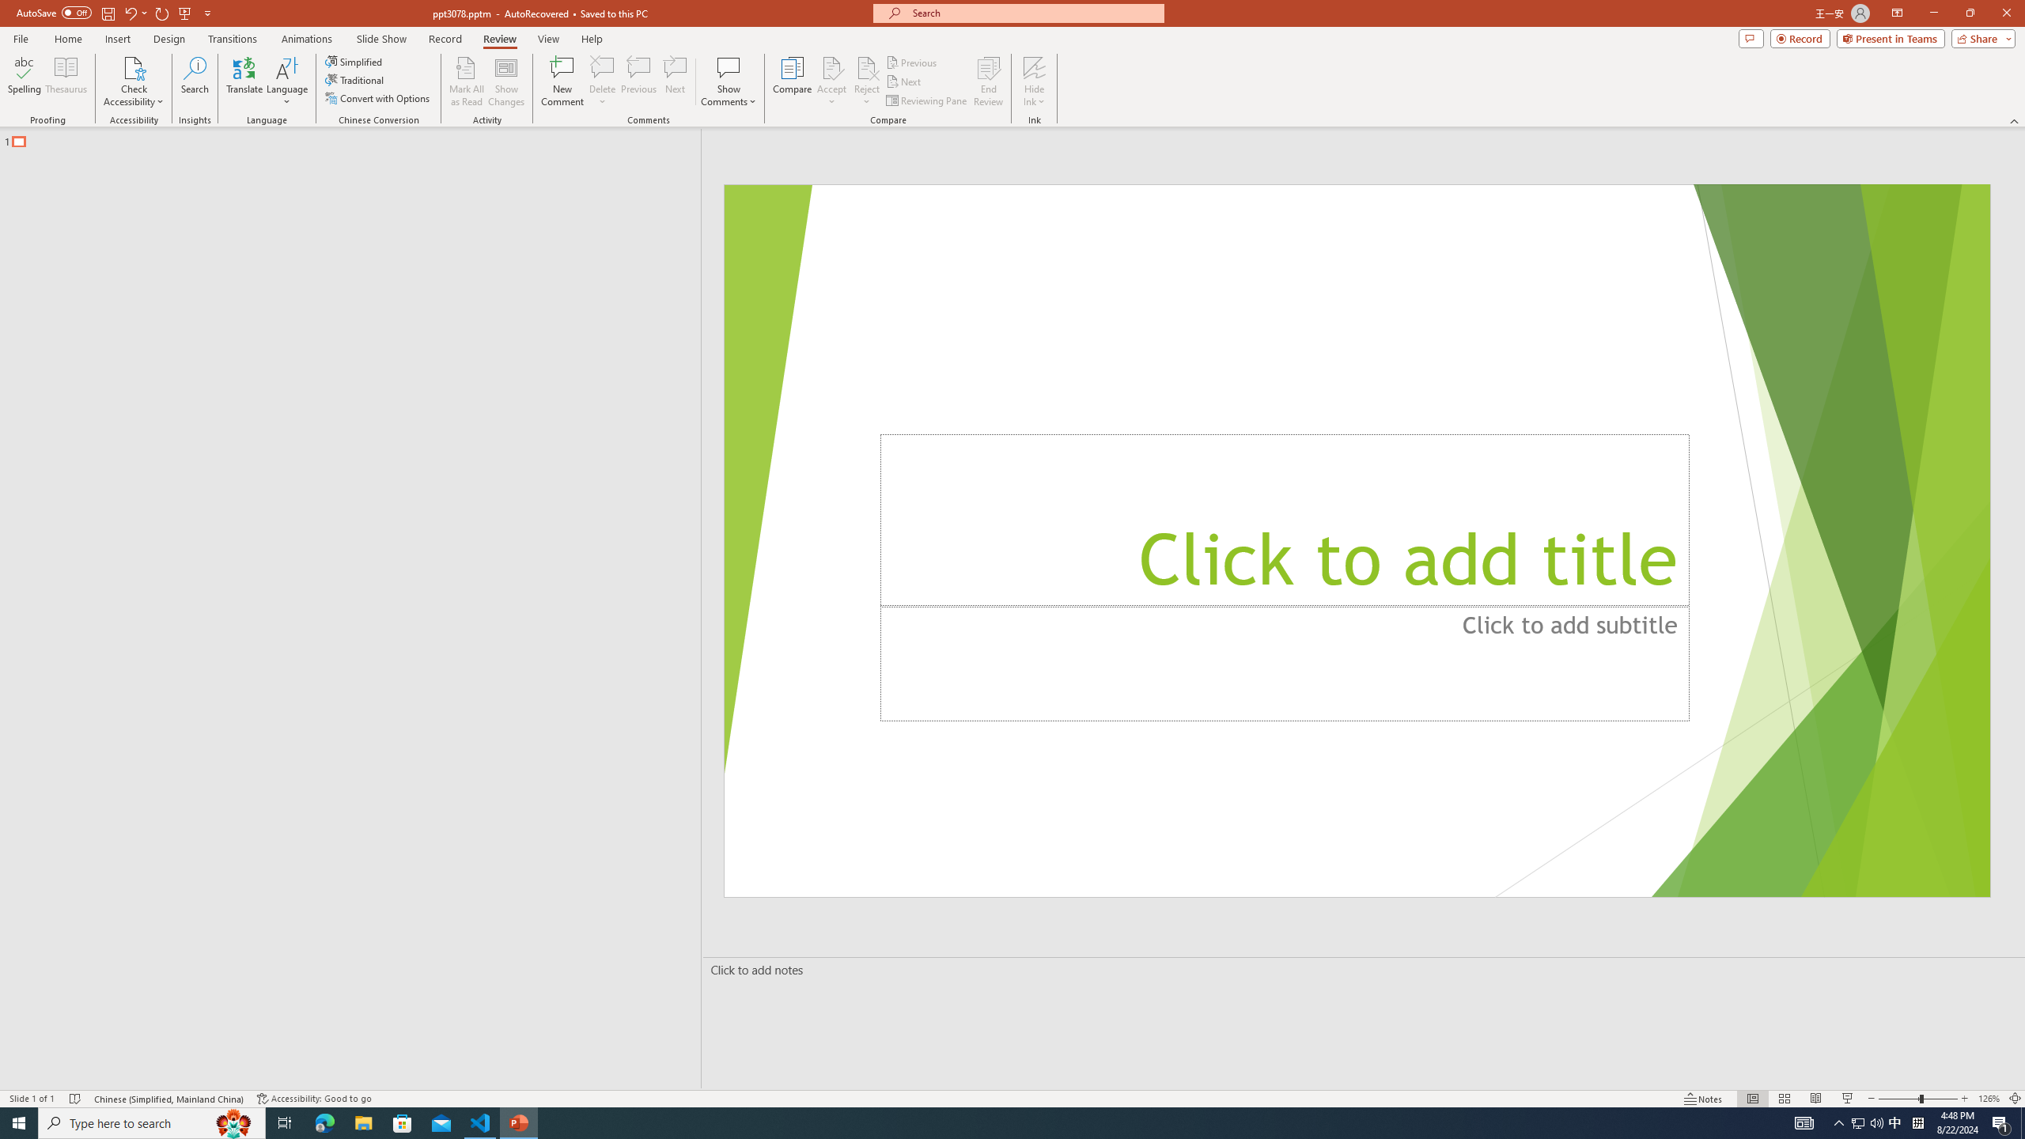  Describe the element at coordinates (354, 78) in the screenshot. I see `'Traditional'` at that location.